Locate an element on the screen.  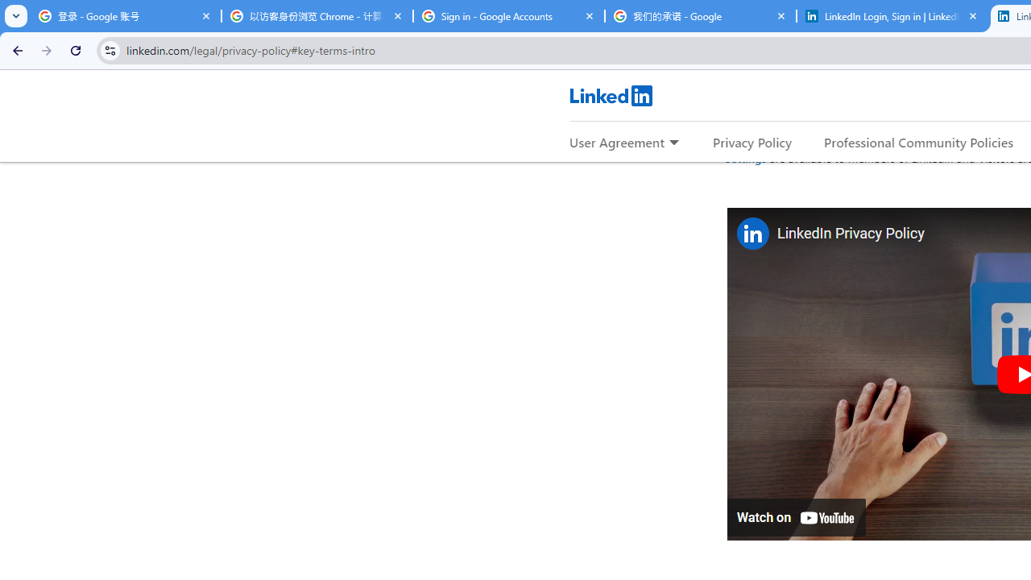
'Photo image of LinkedIn' is located at coordinates (752, 233).